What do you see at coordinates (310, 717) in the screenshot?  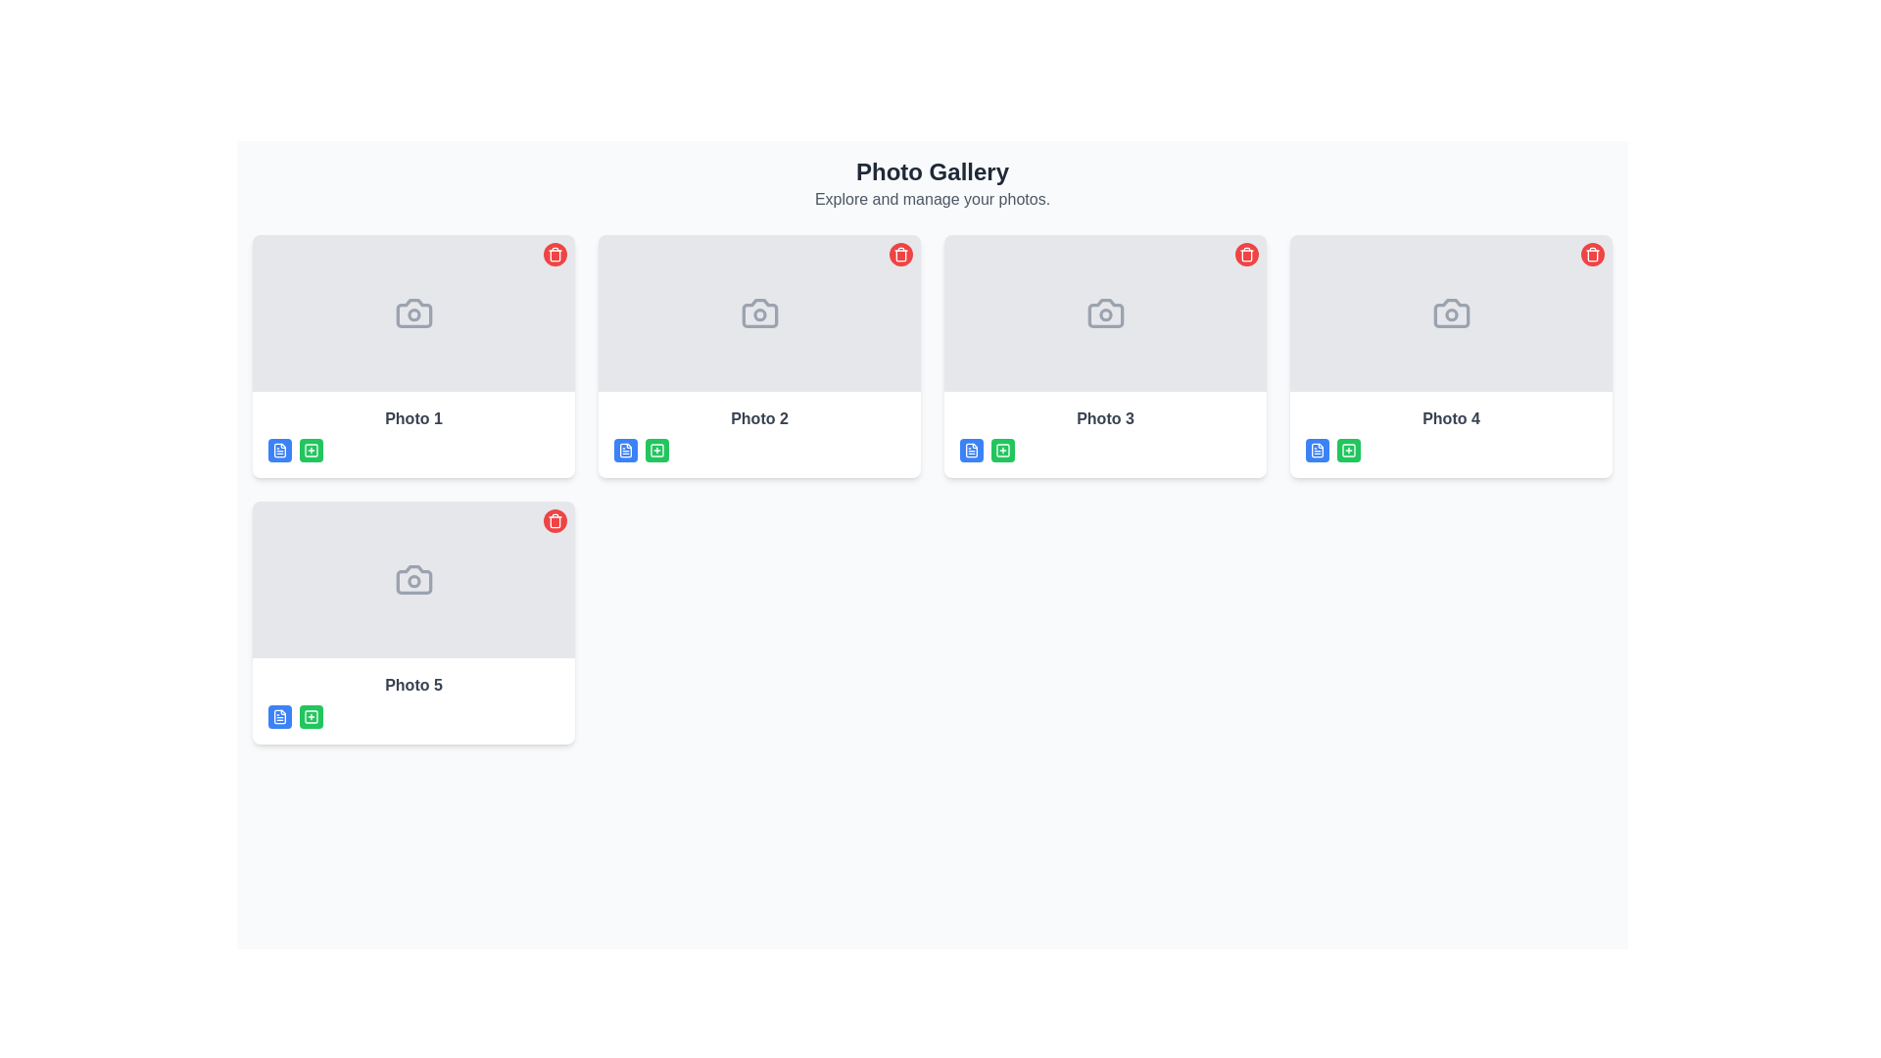 I see `the green icon button with a square and plus symbol located below the 'Photo 5' label` at bounding box center [310, 717].